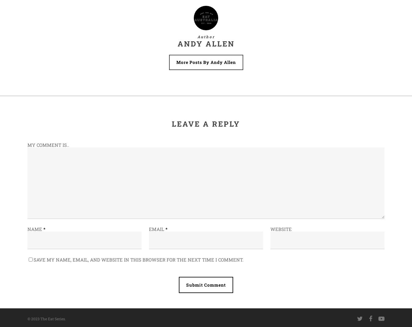 This screenshot has height=327, width=412. I want to click on 'Andy Allen', so click(206, 44).